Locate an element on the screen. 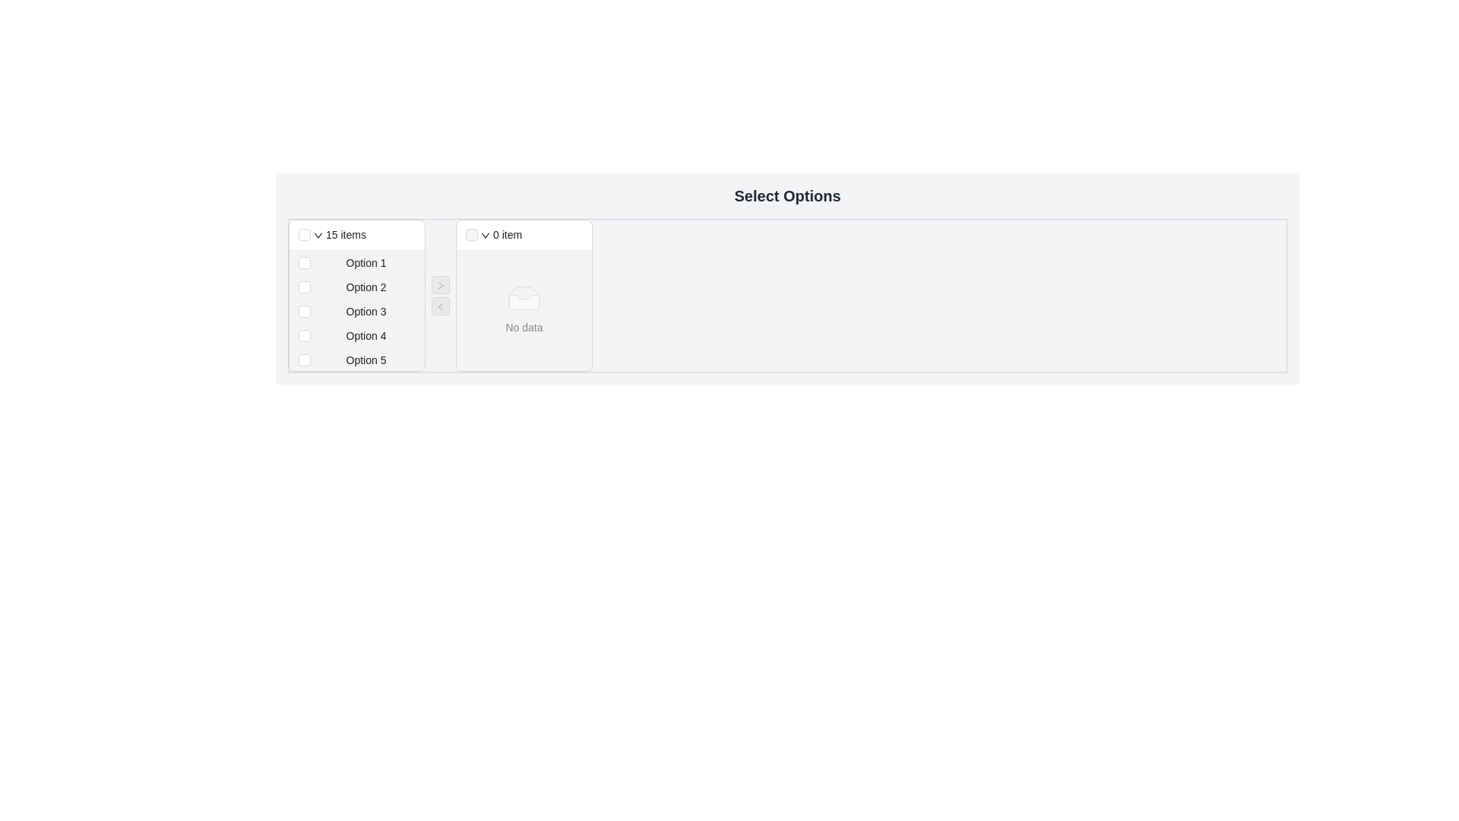 This screenshot has height=821, width=1459. the first checkbox in the vertical list associated with 'Option 1' is located at coordinates (304, 262).